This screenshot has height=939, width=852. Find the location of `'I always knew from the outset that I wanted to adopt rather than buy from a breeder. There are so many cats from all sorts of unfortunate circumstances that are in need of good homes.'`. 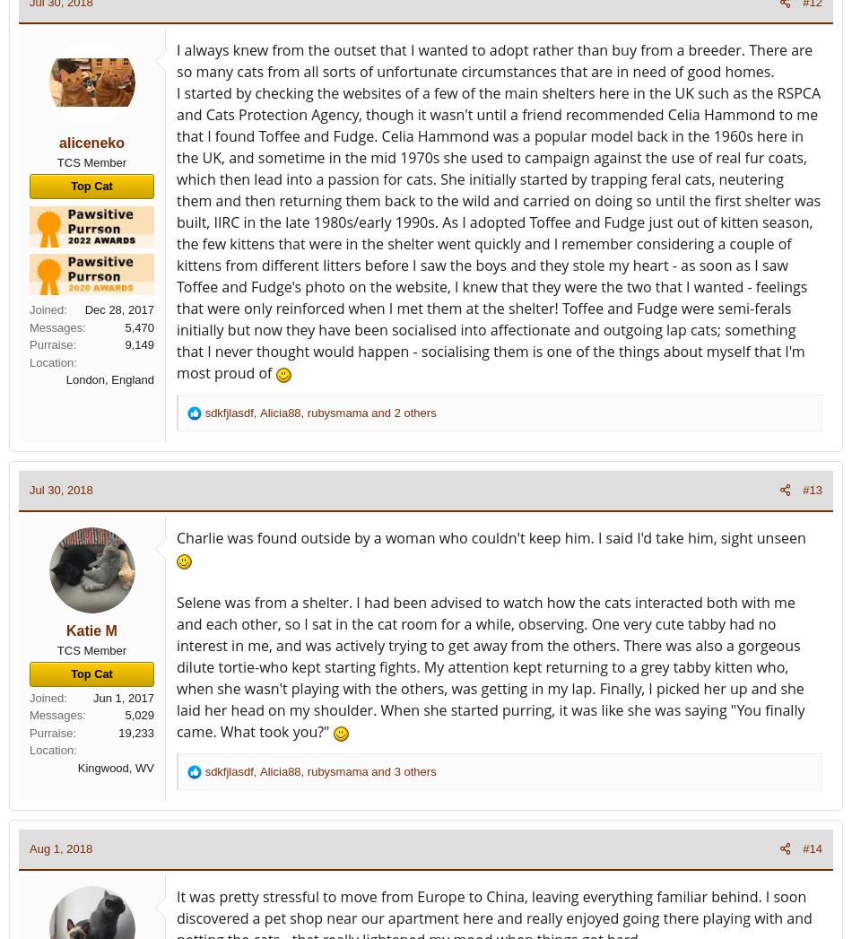

'I always knew from the outset that I wanted to adopt rather than buy from a breeder. There are so many cats from all sorts of unfortunate circumstances that are in need of good homes.' is located at coordinates (494, 60).